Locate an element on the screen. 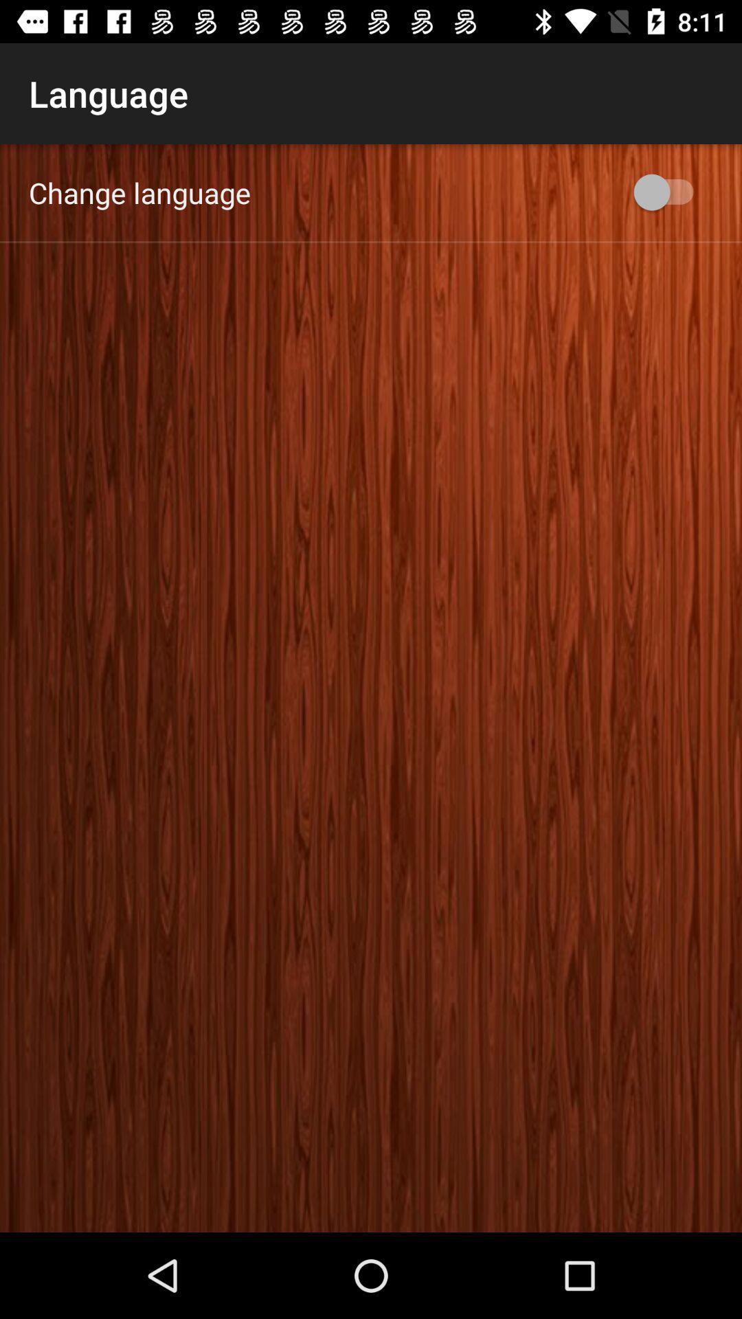  the app next to change language app is located at coordinates (669, 192).